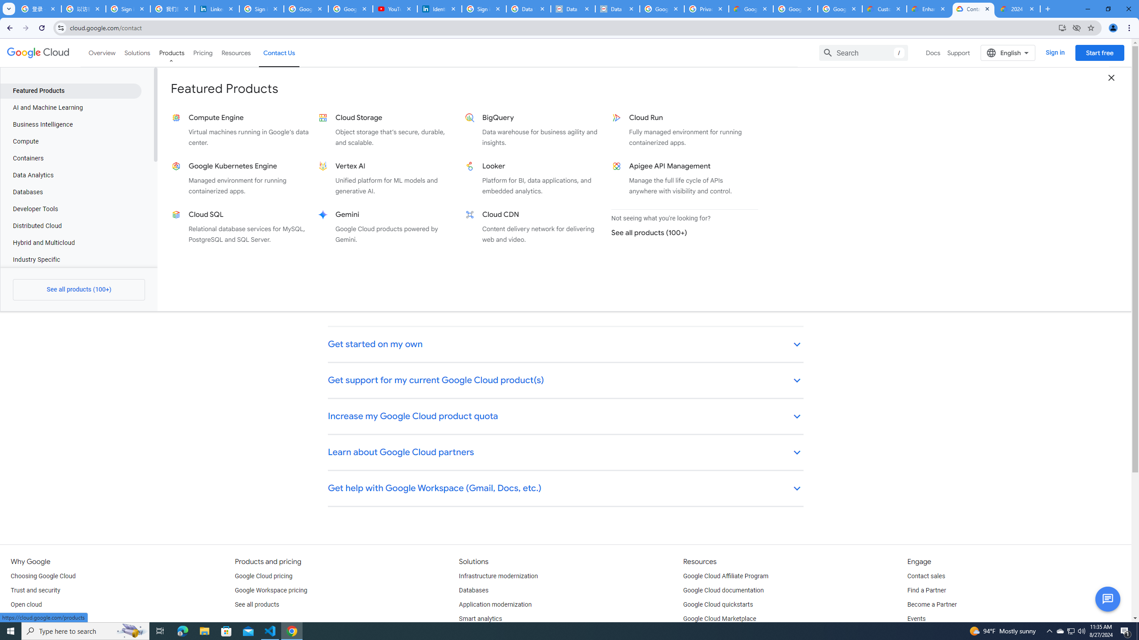 This screenshot has width=1139, height=640. What do you see at coordinates (70, 209) in the screenshot?
I see `'Developer Tools'` at bounding box center [70, 209].